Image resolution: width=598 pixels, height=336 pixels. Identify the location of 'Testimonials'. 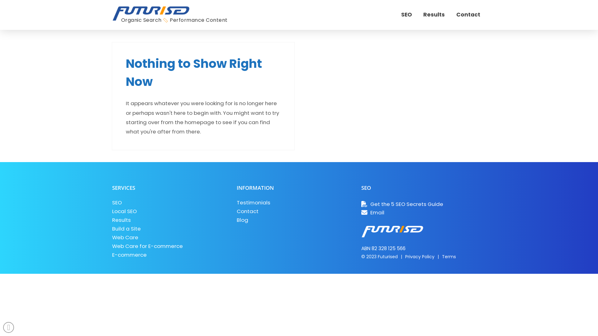
(236, 203).